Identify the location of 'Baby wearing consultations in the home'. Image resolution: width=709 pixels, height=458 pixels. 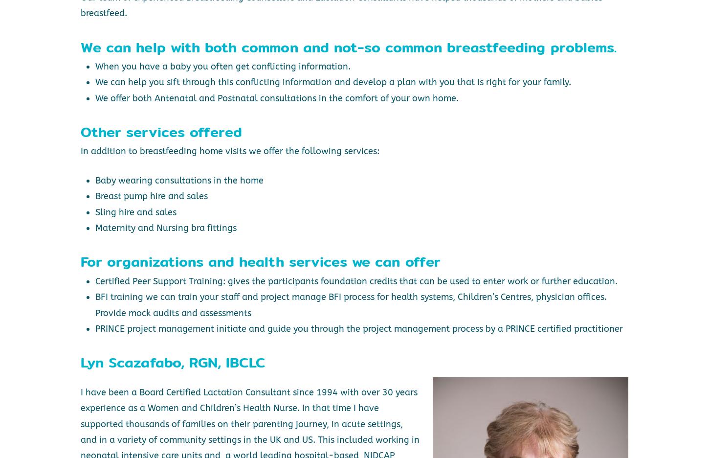
(178, 180).